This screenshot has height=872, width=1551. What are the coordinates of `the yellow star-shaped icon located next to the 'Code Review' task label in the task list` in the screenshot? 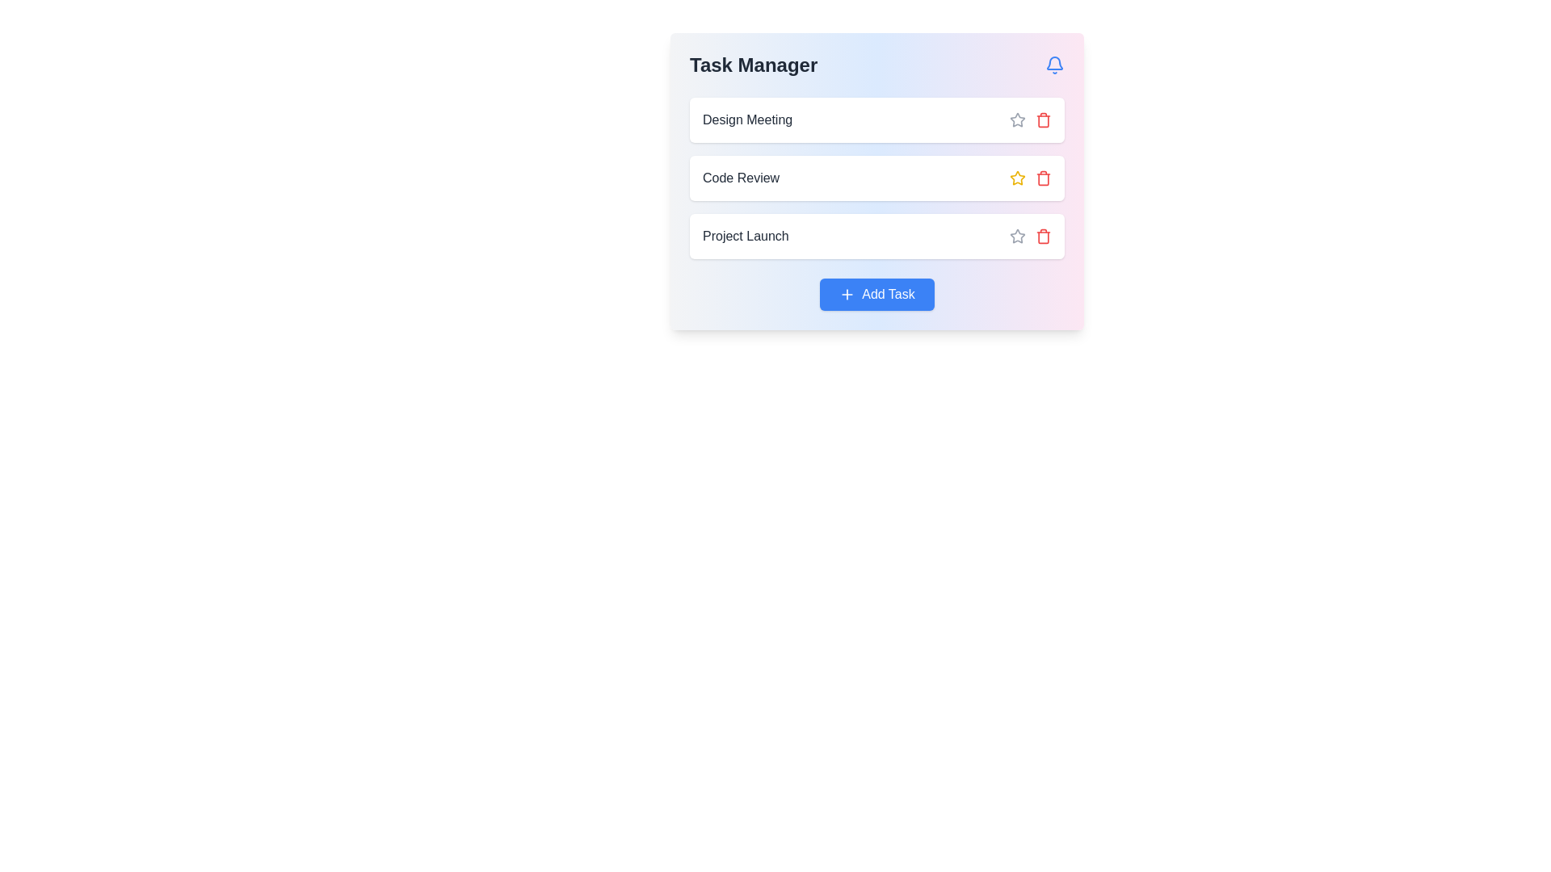 It's located at (1016, 178).